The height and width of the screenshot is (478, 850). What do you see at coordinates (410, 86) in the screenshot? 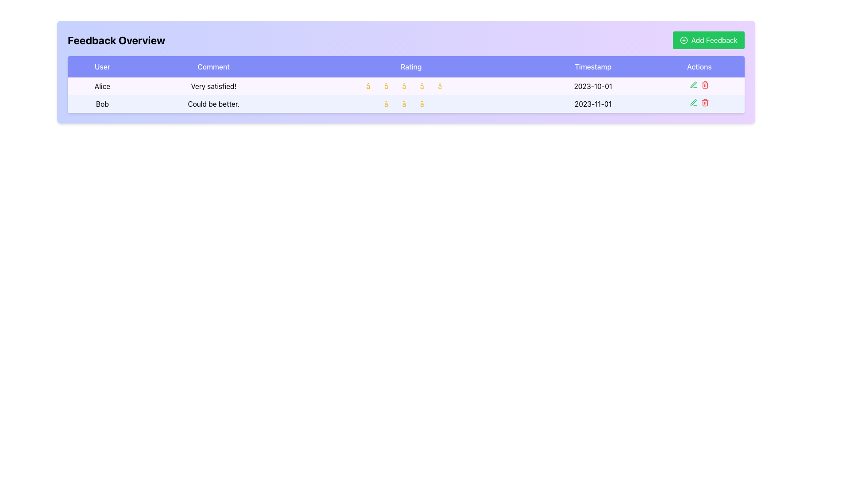
I see `the static display component representing the rating visual, which consists of five yellow star icons arranged horizontally in the 'Rating' column of the first data row, between the 'Comment' and 'Timestamp' columns for feedback by 'Alice'` at bounding box center [410, 86].